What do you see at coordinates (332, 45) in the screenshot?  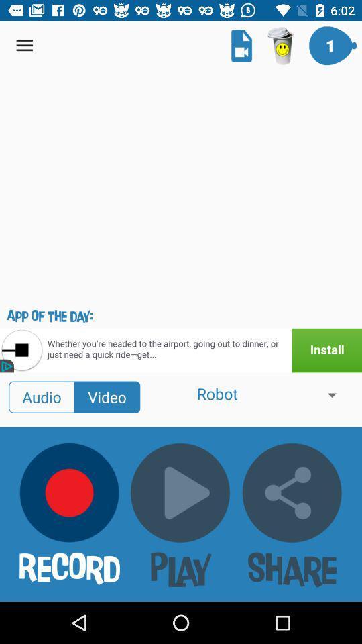 I see `the icon on top right corner of the page` at bounding box center [332, 45].